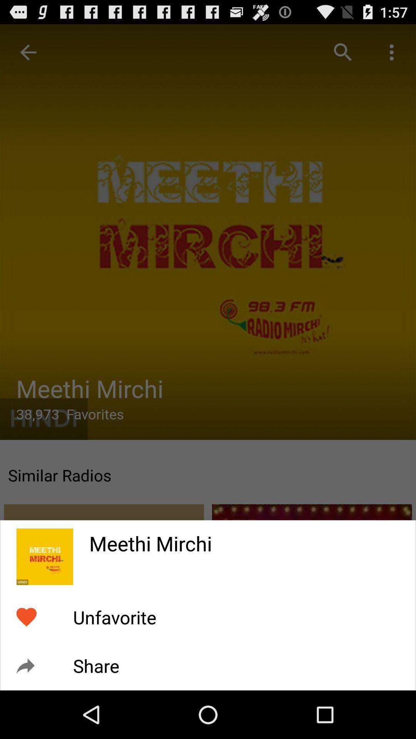 The image size is (416, 739). What do you see at coordinates (244, 538) in the screenshot?
I see `the icon above the unfavorite` at bounding box center [244, 538].